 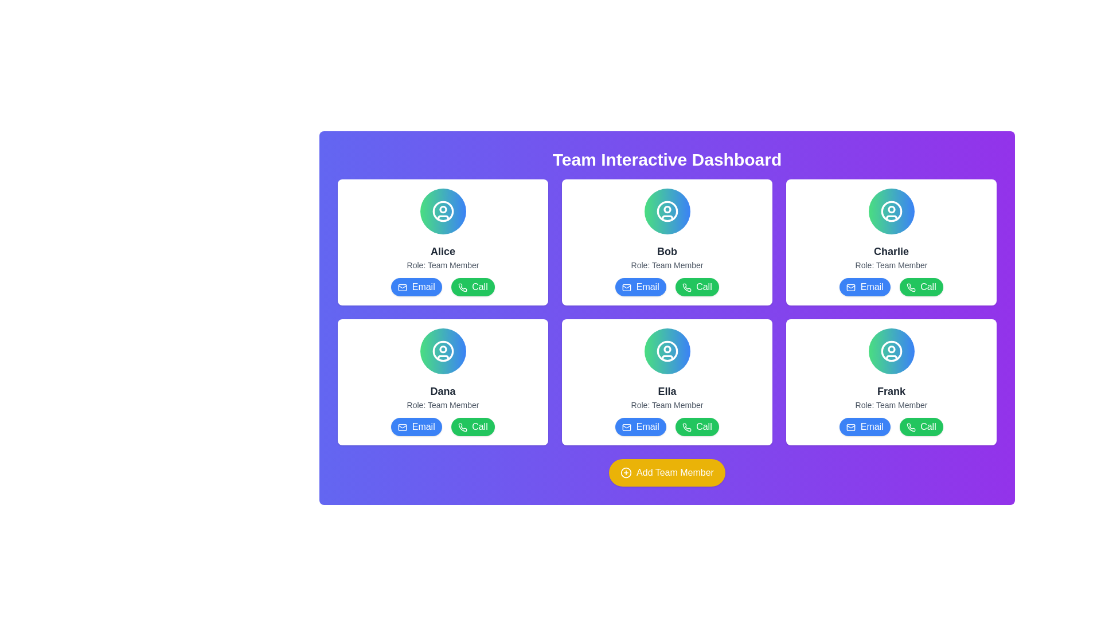 What do you see at coordinates (442, 357) in the screenshot?
I see `the decorative graphical line within the user profile SVG icon representing the user named 'Dana' in the bottom-left position of the displayed cards` at bounding box center [442, 357].